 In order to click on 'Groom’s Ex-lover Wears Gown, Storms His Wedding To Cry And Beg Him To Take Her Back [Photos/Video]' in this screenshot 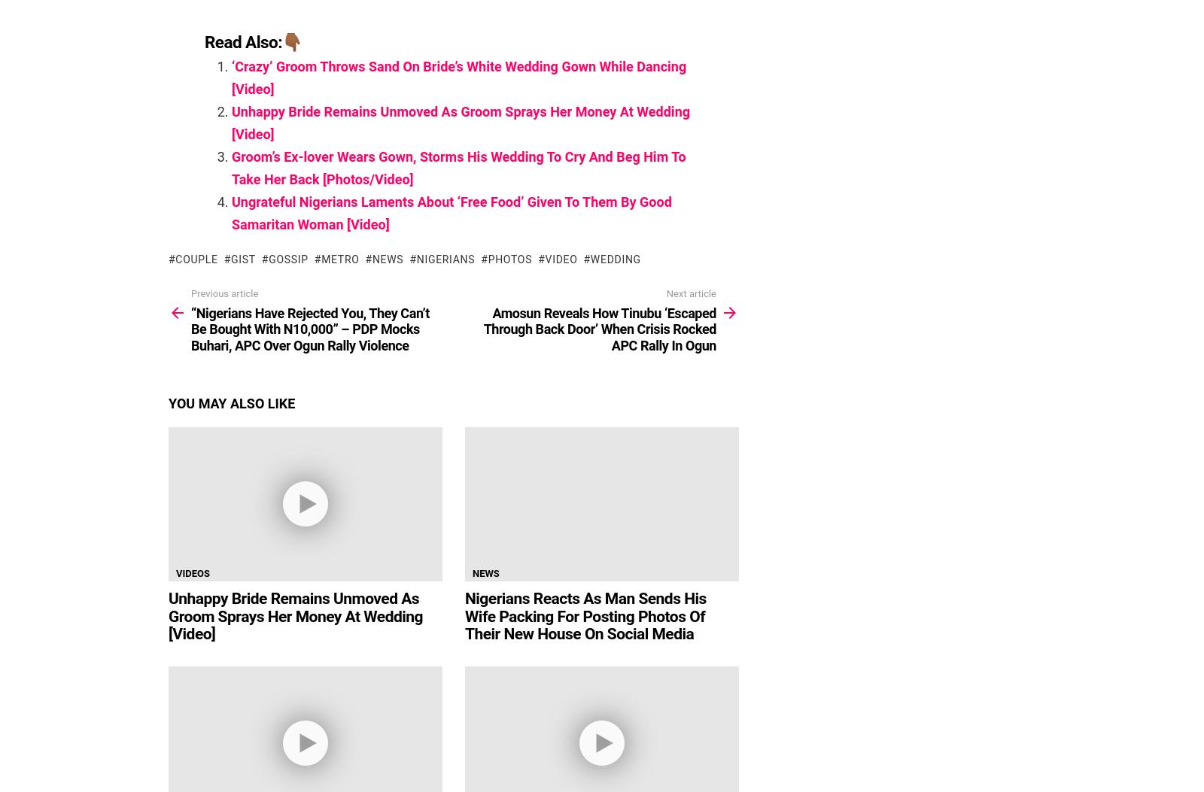, I will do `click(458, 168)`.